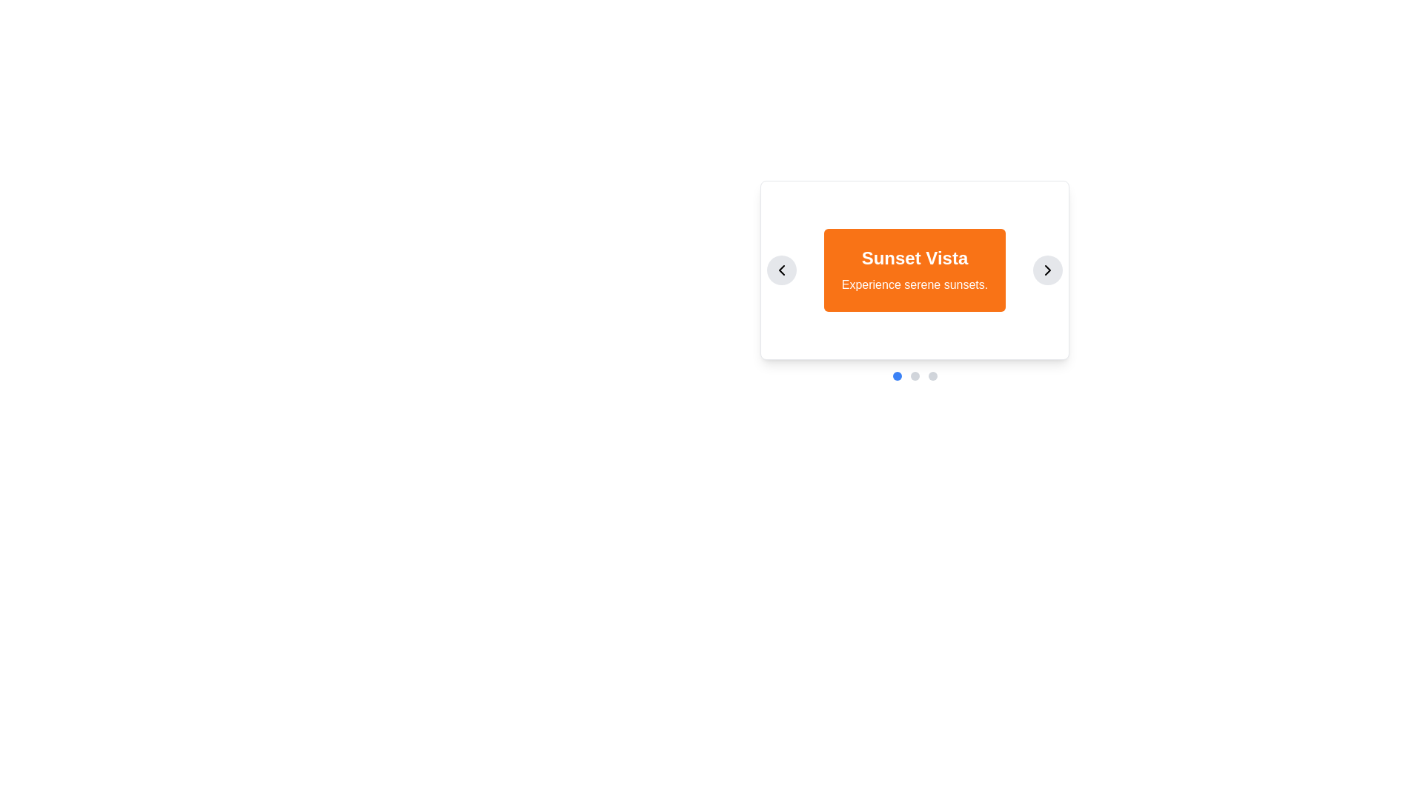  Describe the element at coordinates (914, 376) in the screenshot. I see `the second circle button located centrally under the carousel` at that location.